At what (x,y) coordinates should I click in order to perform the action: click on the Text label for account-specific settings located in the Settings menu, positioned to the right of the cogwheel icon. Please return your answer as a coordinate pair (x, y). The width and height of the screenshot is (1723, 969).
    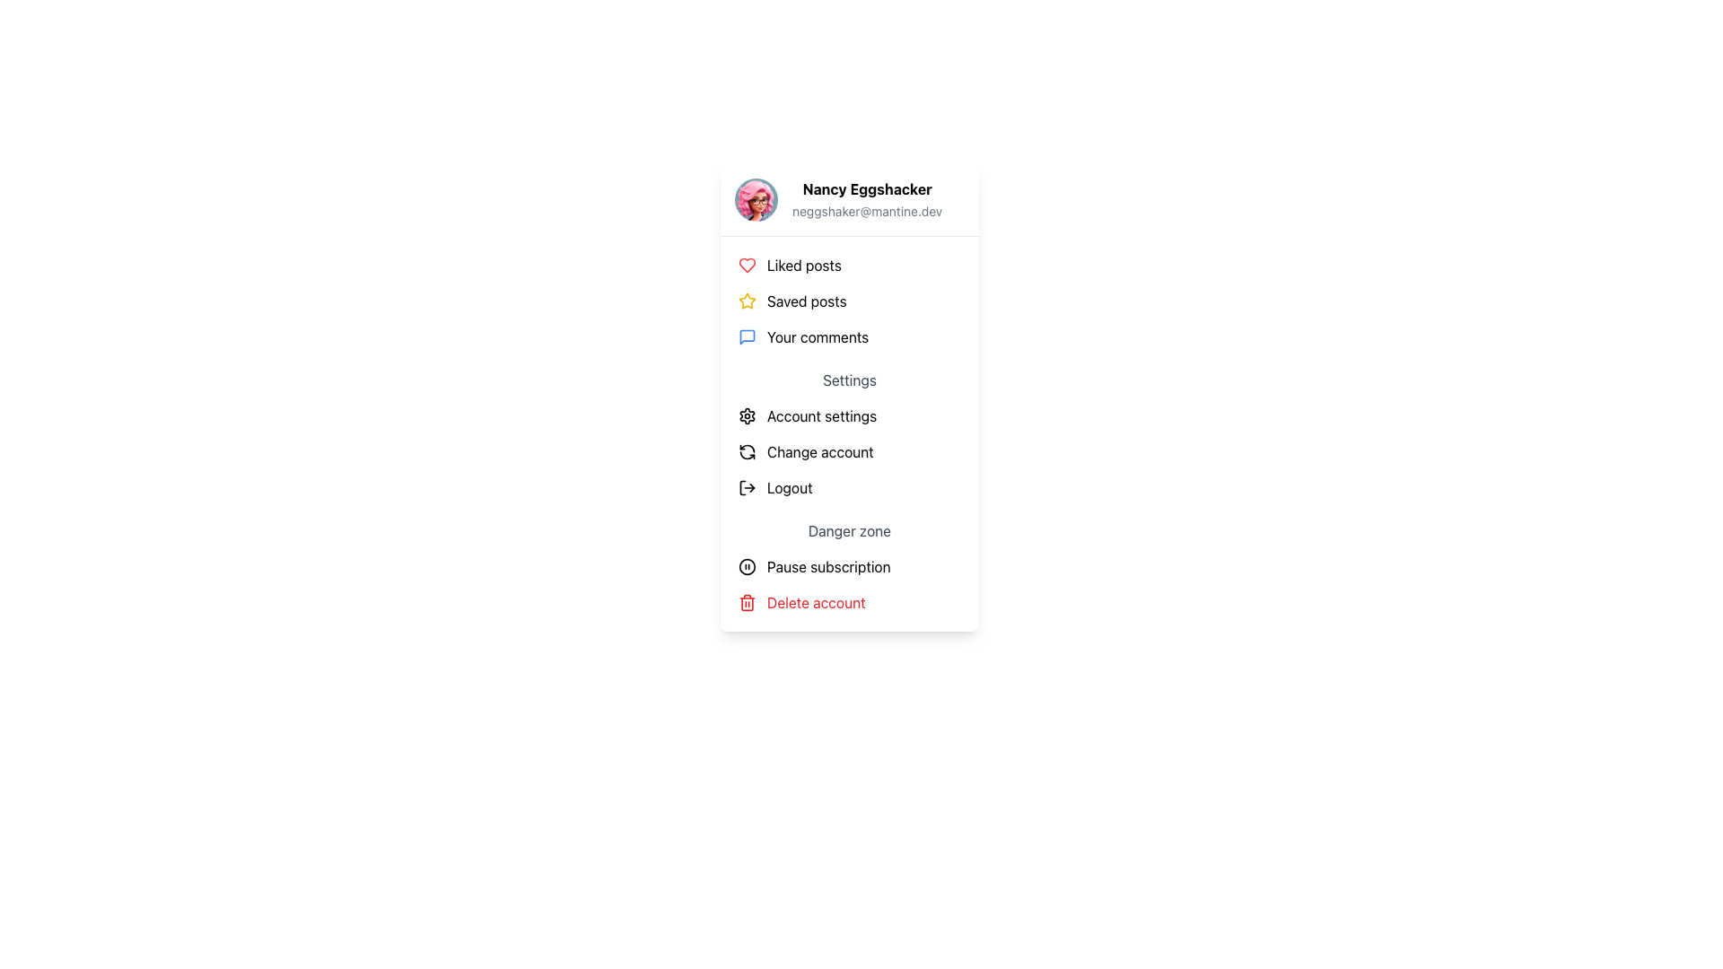
    Looking at the image, I should click on (821, 415).